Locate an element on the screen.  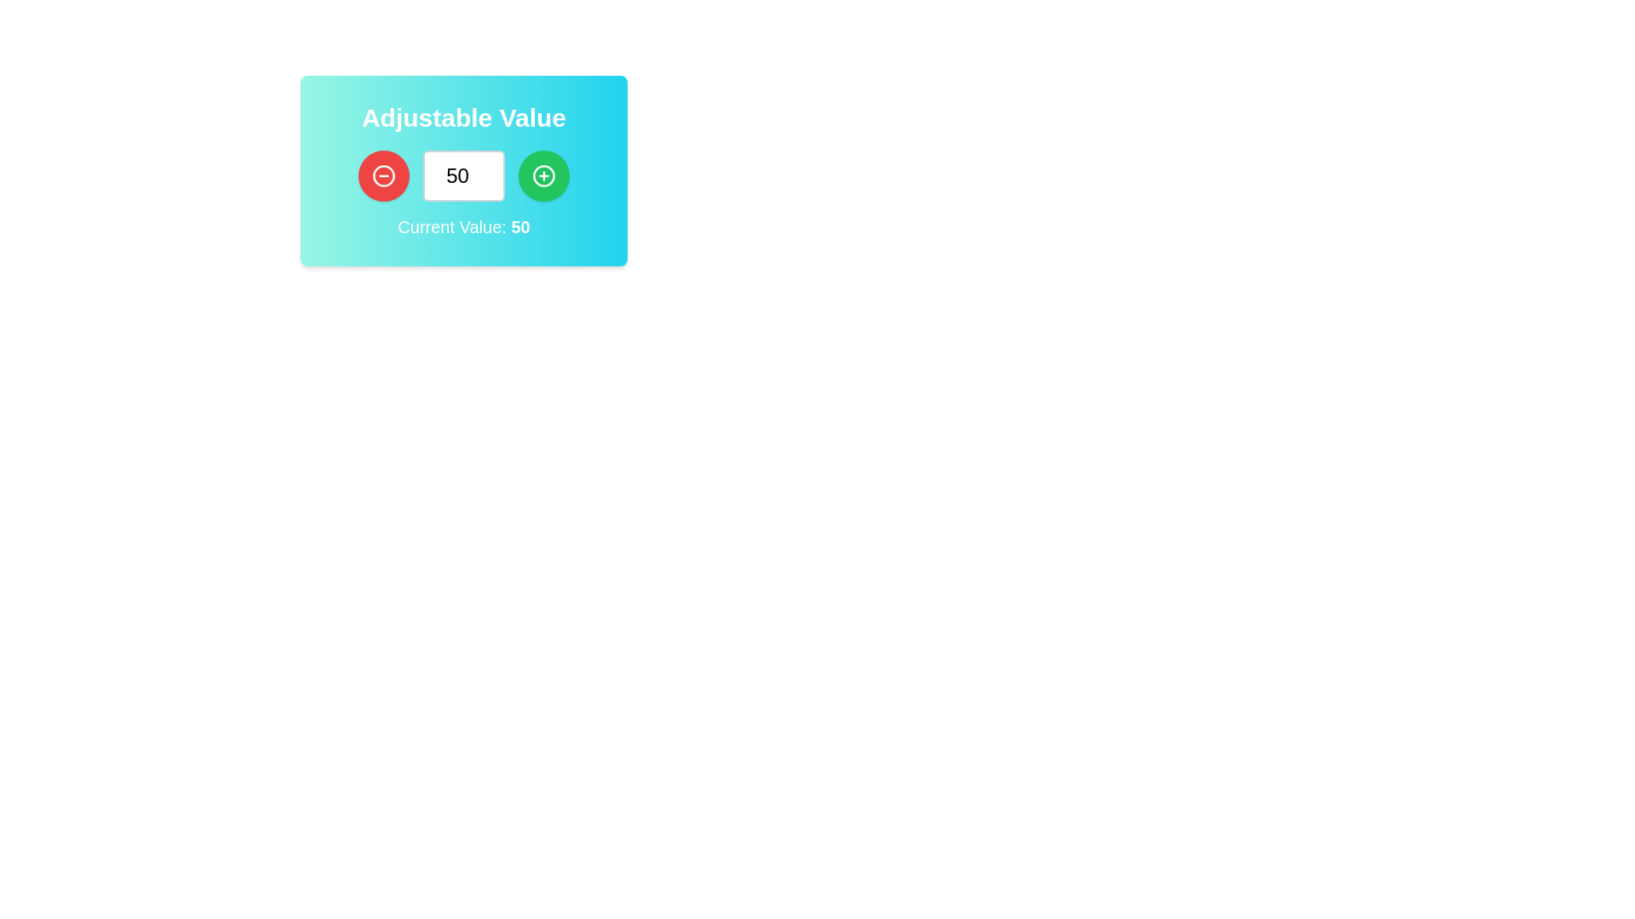
the leftmost decrement button located to the left of the number input field to reduce its value is located at coordinates (383, 176).